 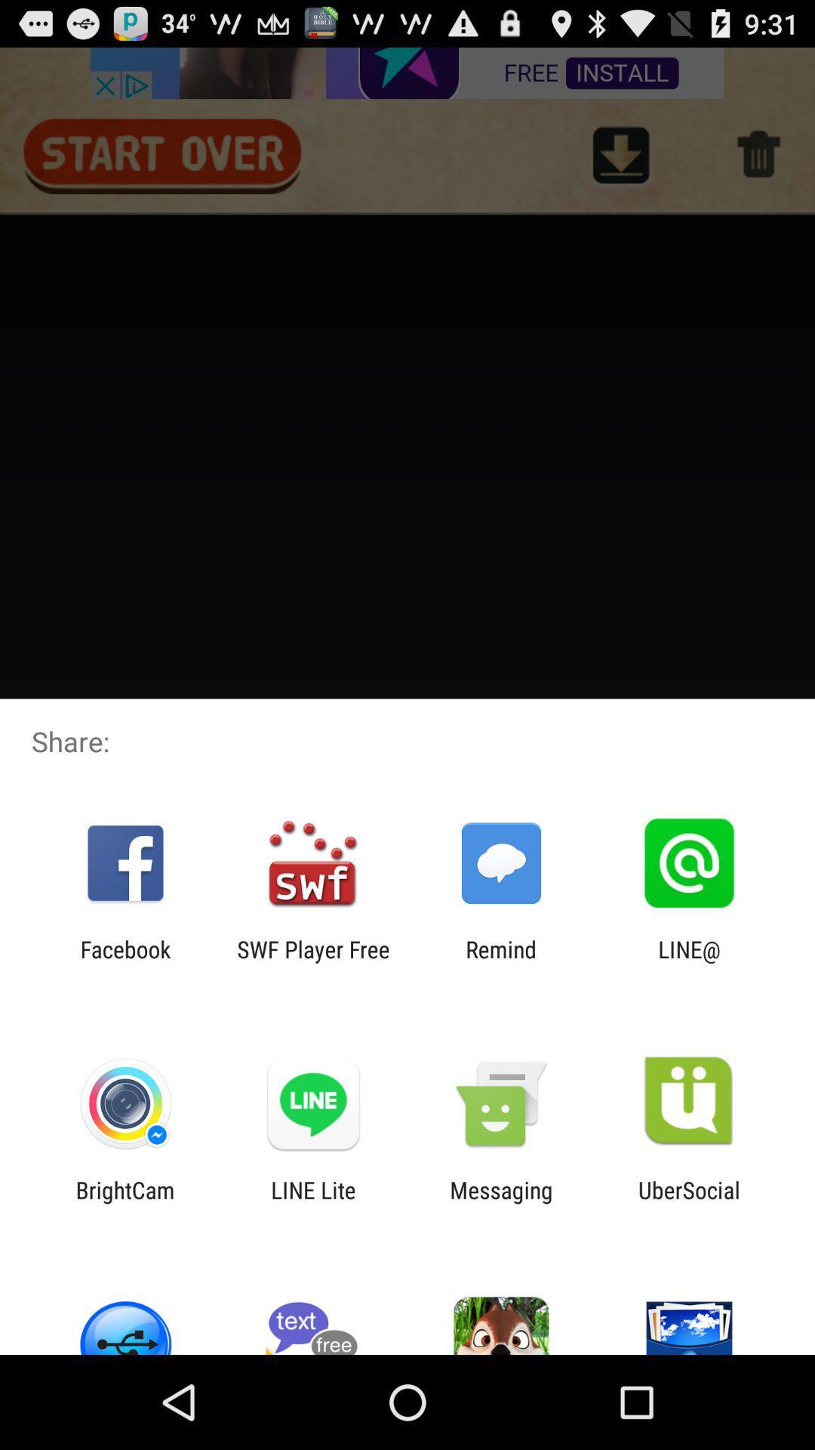 I want to click on the item next to messaging icon, so click(x=312, y=1202).